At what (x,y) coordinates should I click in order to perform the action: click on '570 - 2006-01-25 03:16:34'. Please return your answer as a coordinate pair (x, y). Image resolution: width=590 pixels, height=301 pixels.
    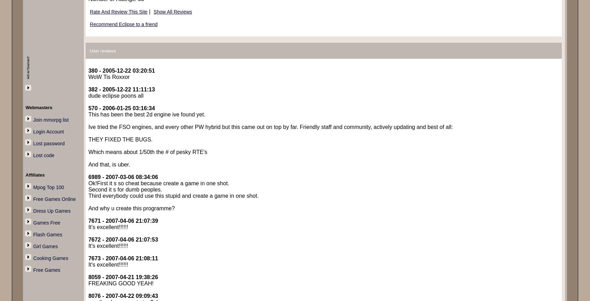
    Looking at the image, I should click on (121, 108).